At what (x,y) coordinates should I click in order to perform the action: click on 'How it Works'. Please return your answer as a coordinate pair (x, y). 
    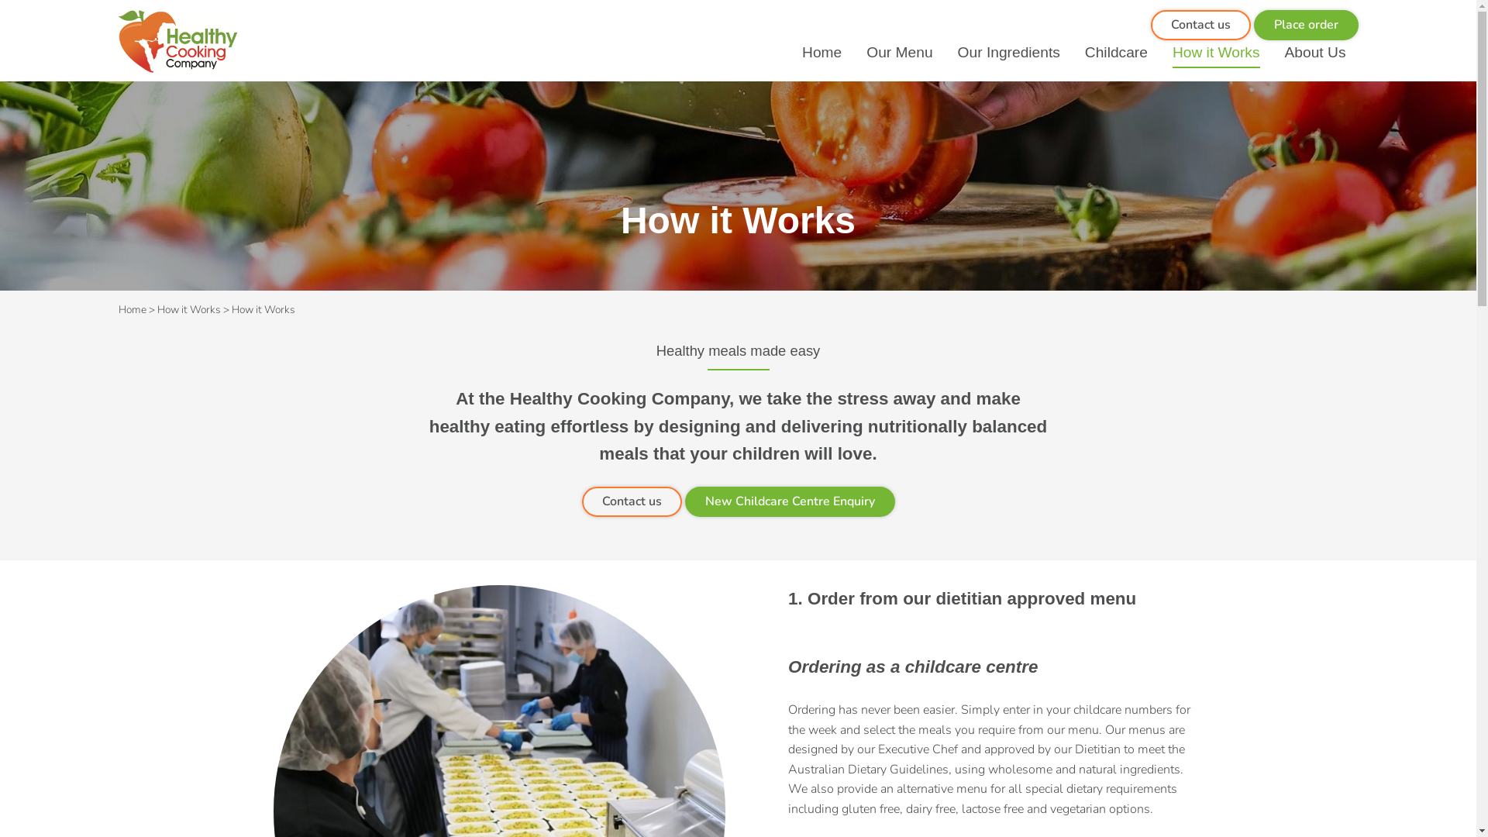
    Looking at the image, I should click on (1215, 52).